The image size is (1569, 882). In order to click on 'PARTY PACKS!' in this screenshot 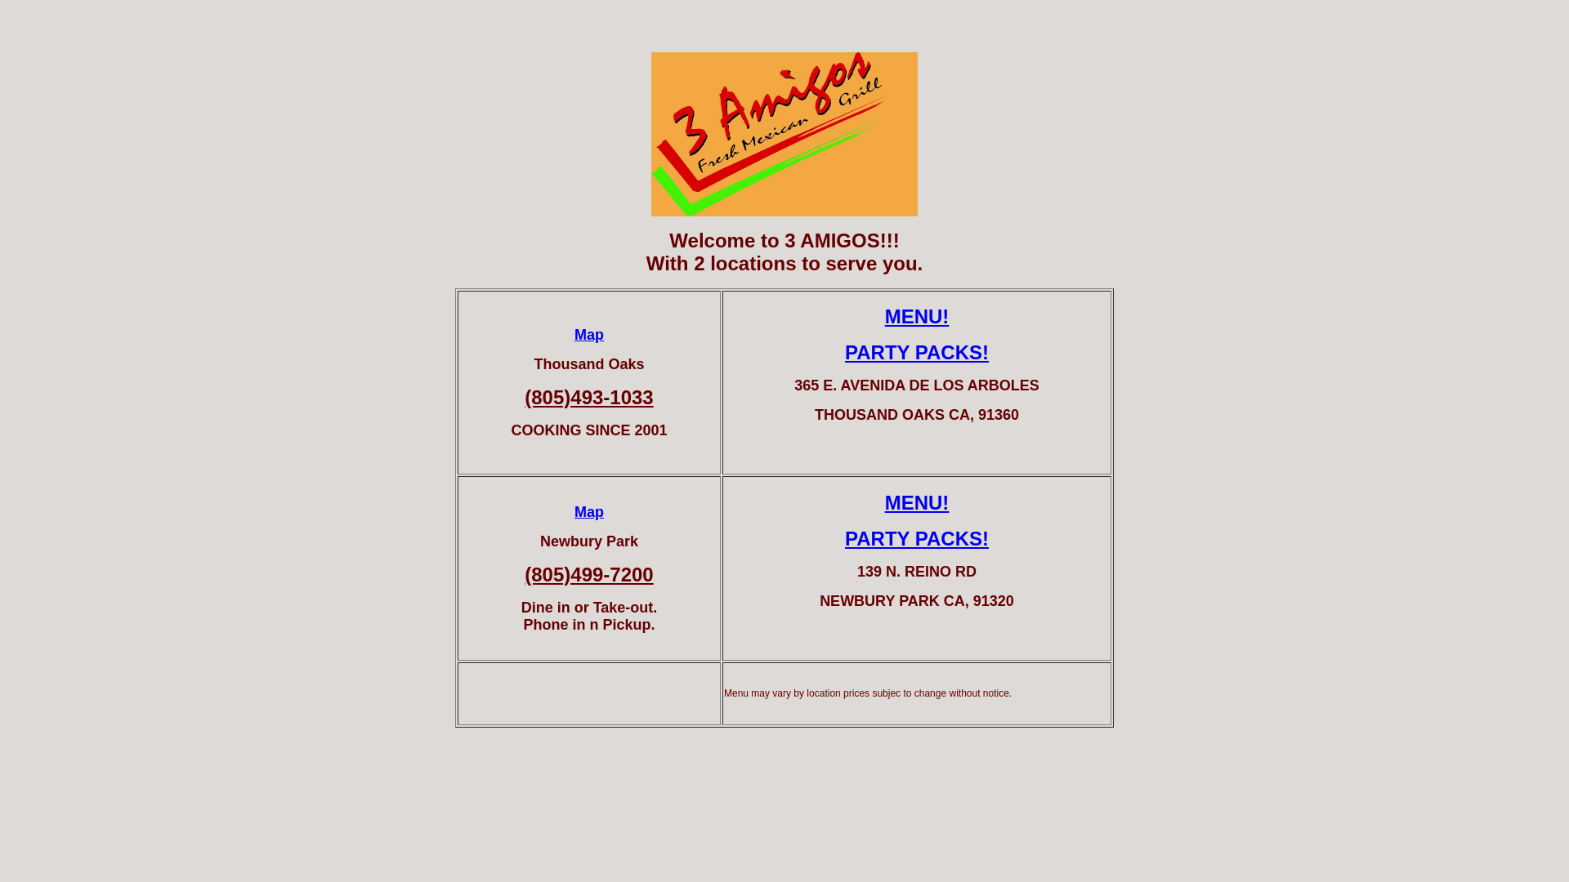, I will do `click(917, 538)`.